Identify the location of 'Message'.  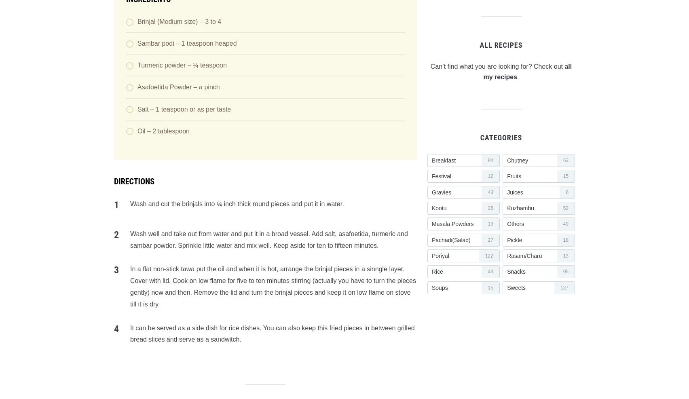
(126, 71).